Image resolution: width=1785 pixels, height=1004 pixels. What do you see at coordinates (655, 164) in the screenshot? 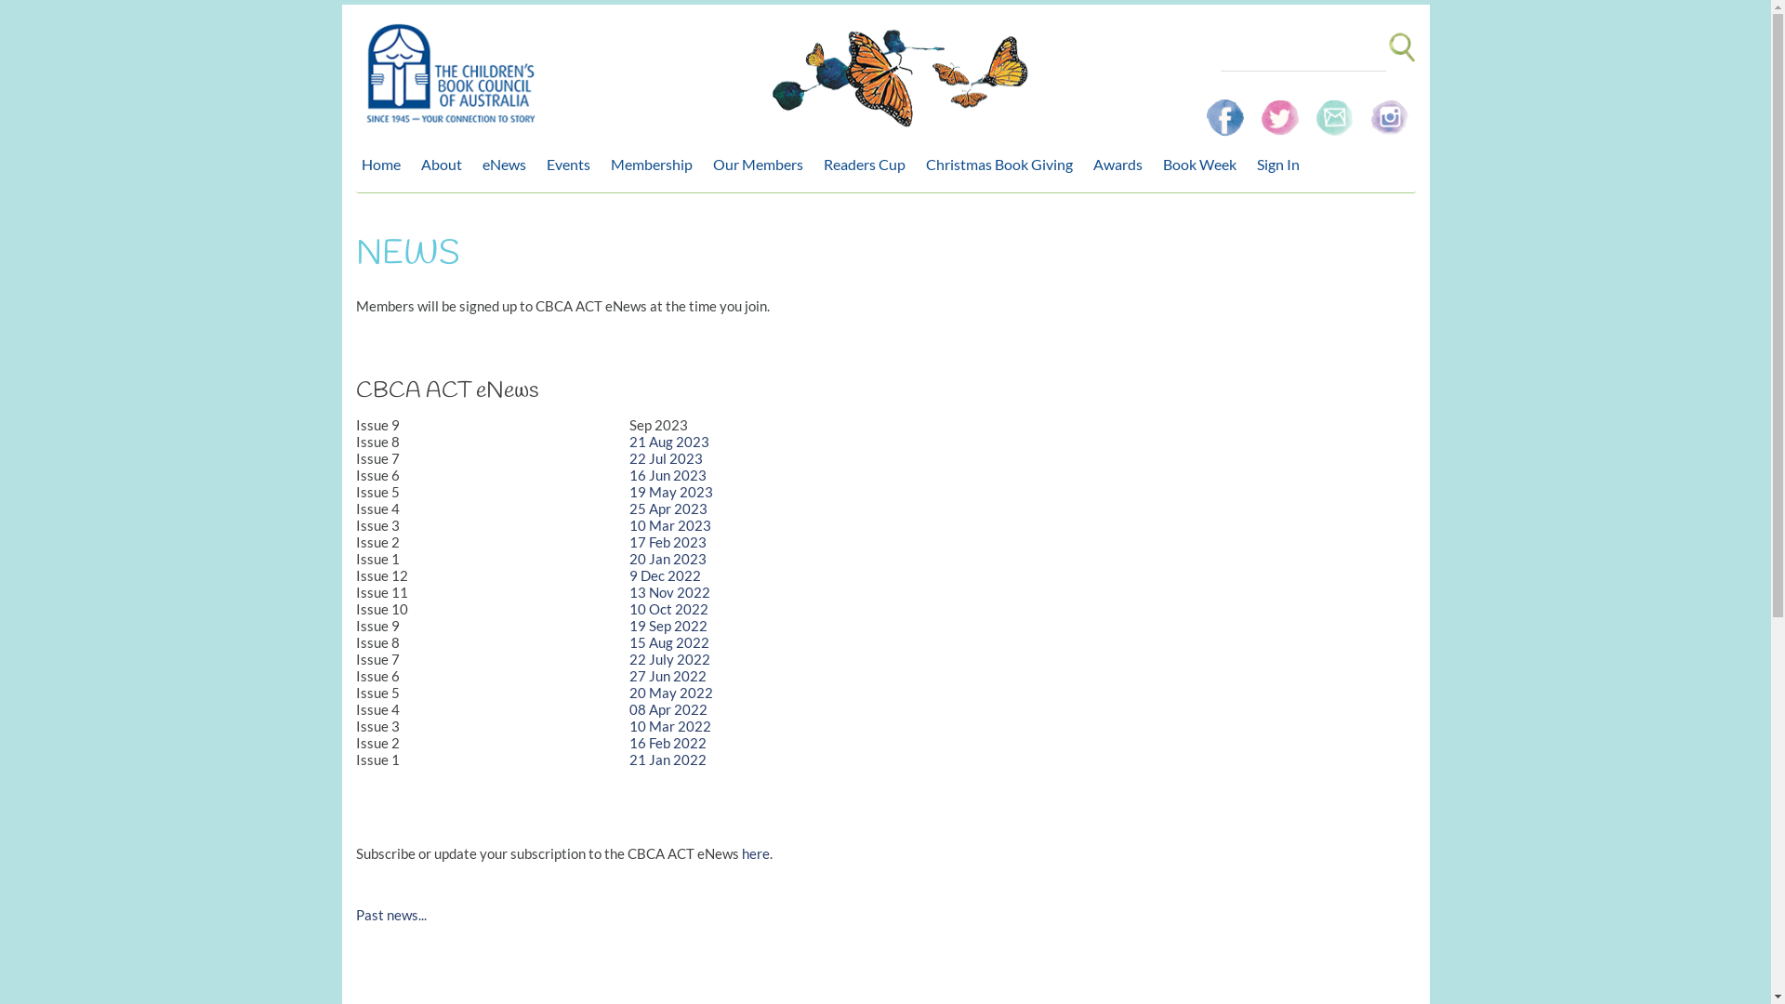
I see `'Membership'` at bounding box center [655, 164].